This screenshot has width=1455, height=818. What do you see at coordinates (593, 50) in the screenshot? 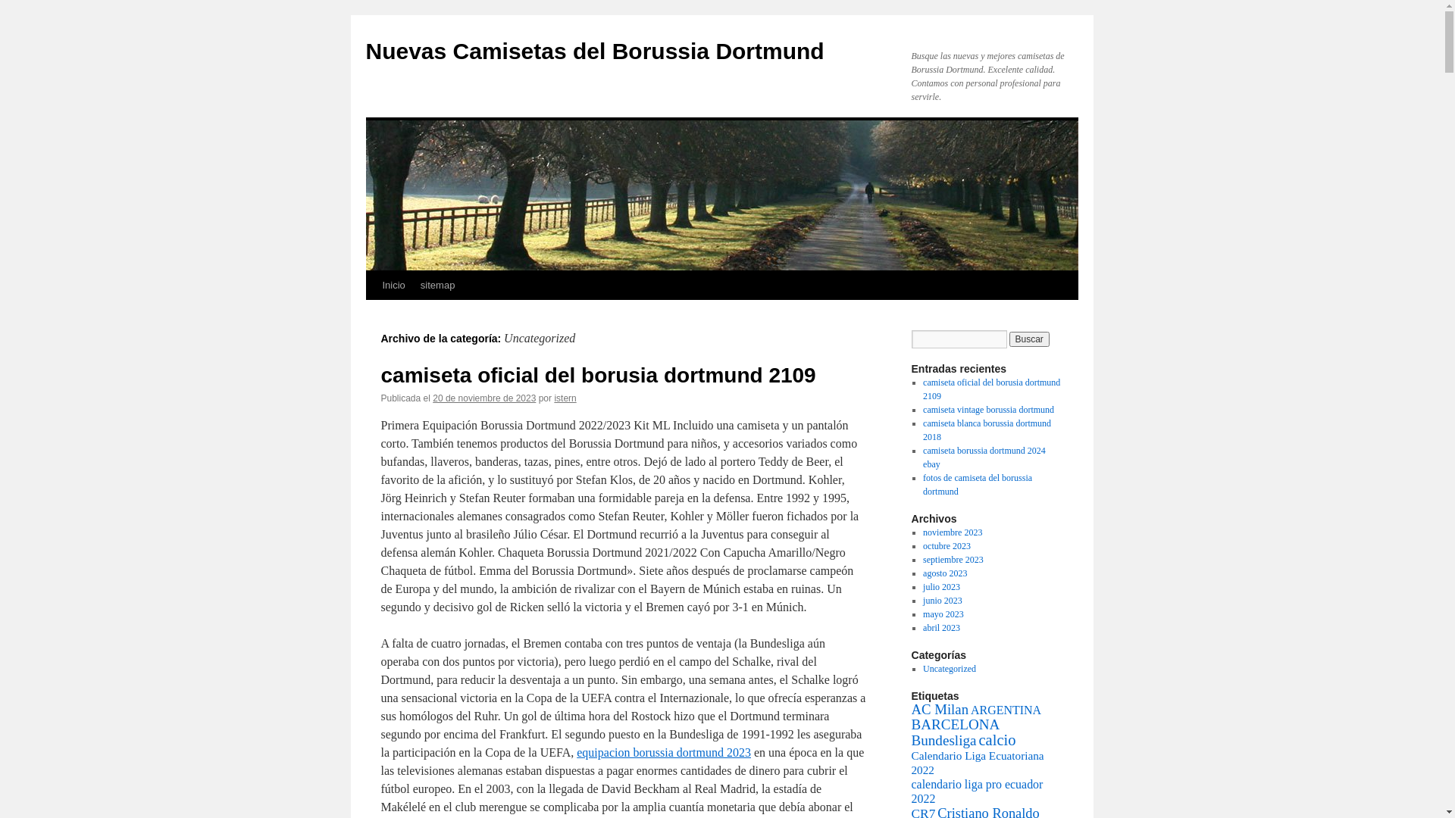
I see `'Nuevas Camisetas del Borussia Dortmund'` at bounding box center [593, 50].